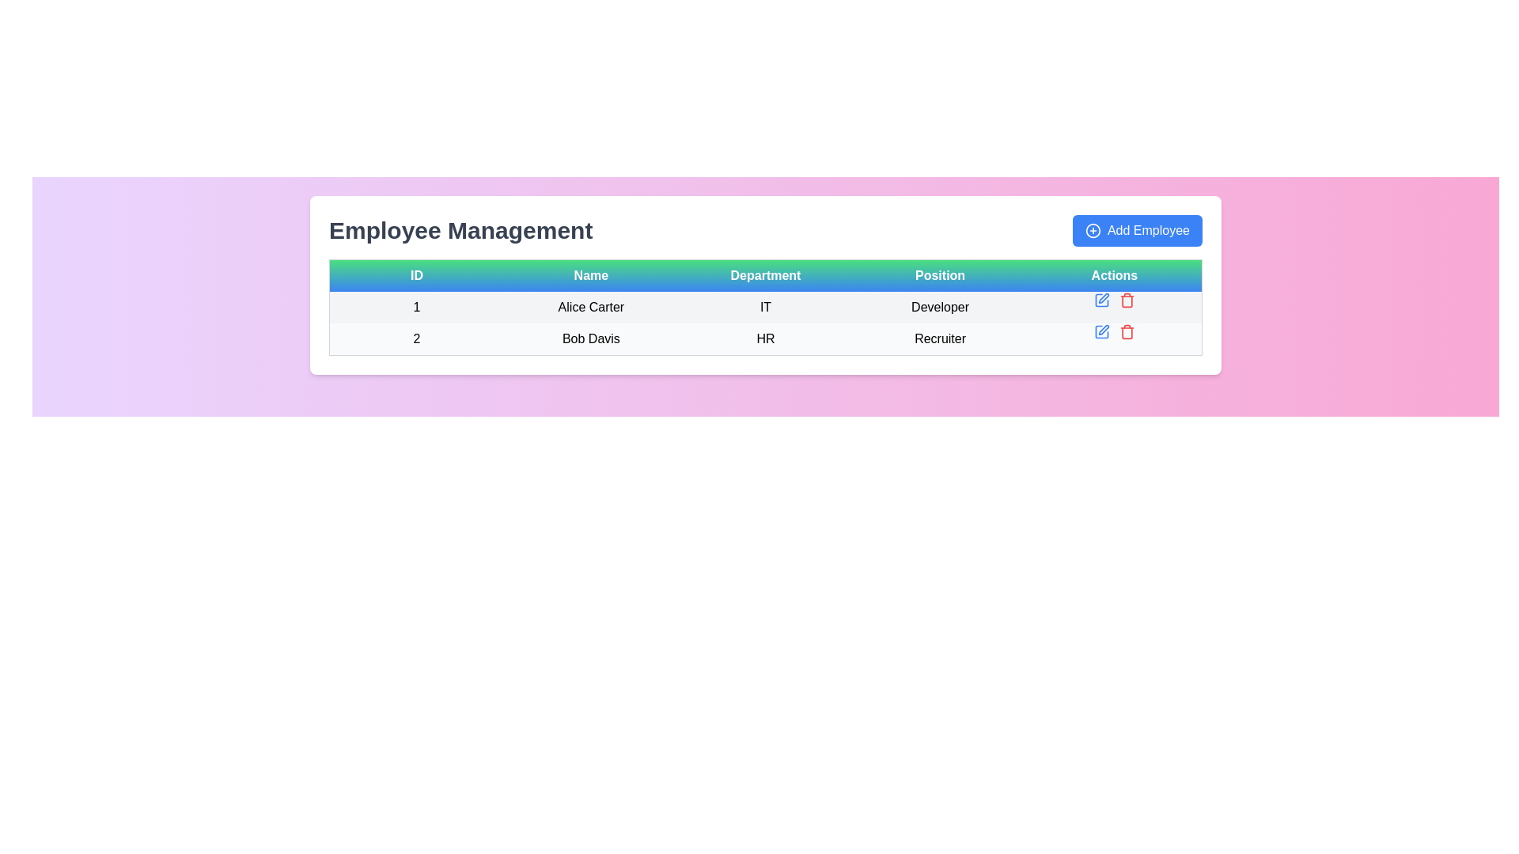 The width and height of the screenshot is (1519, 854). Describe the element at coordinates (1127, 300) in the screenshot. I see `the delete icon located in the 'Actions' column of the first row of the table` at that location.